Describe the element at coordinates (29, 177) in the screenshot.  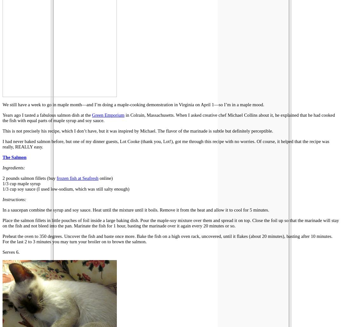
I see `'2 pounds salmon fillets (buy'` at that location.